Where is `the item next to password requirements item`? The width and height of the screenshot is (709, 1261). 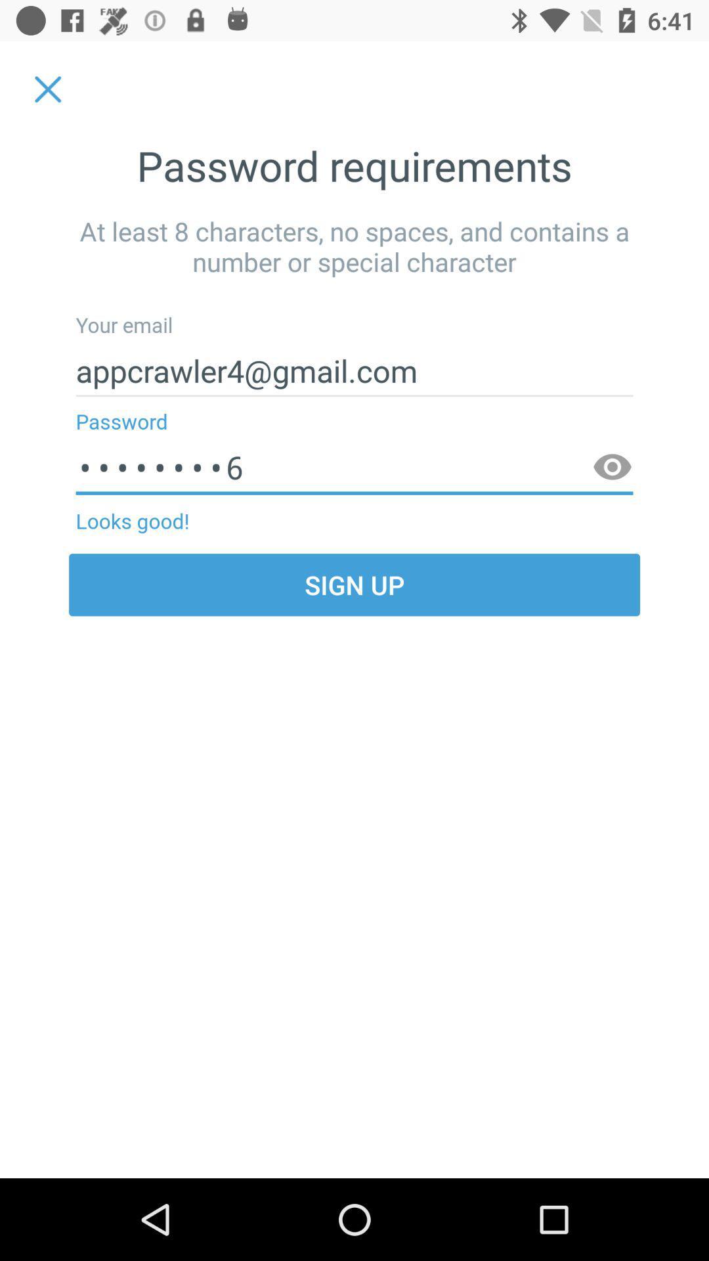
the item next to password requirements item is located at coordinates (47, 89).